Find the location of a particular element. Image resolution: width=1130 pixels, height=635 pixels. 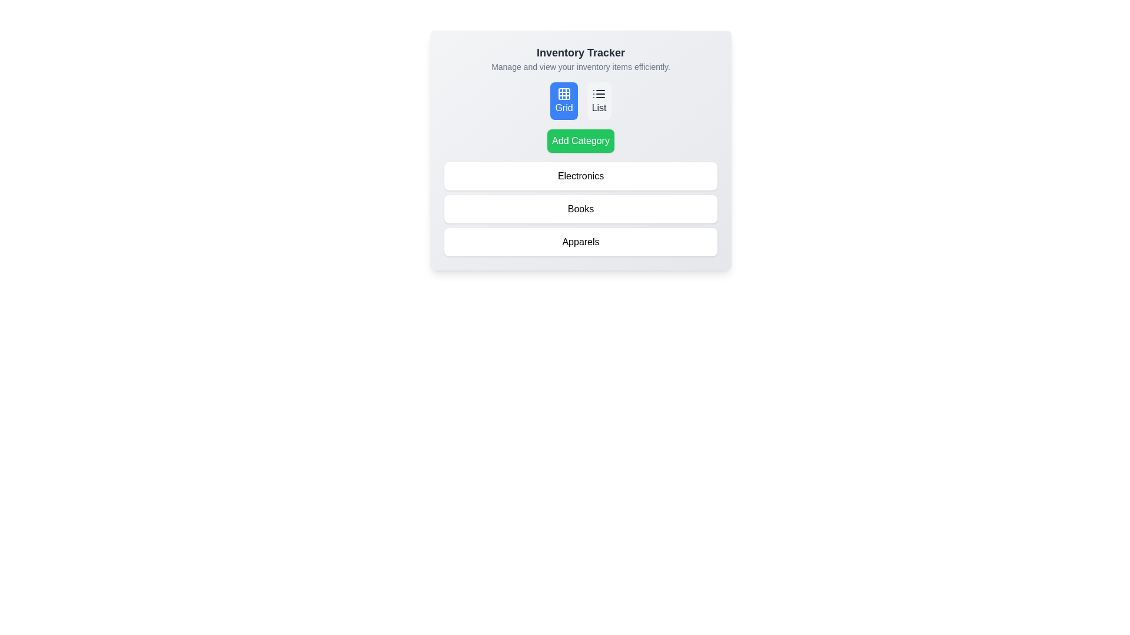

the inventory tracker toggle button, located second from the left in a horizontal button group, to switch to list view is located at coordinates (599, 101).